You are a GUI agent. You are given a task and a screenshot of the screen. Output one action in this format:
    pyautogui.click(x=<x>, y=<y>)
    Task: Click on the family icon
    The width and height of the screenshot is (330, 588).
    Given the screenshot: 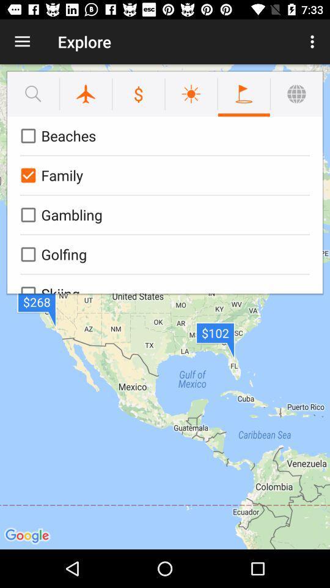 What is the action you would take?
    pyautogui.click(x=163, y=175)
    